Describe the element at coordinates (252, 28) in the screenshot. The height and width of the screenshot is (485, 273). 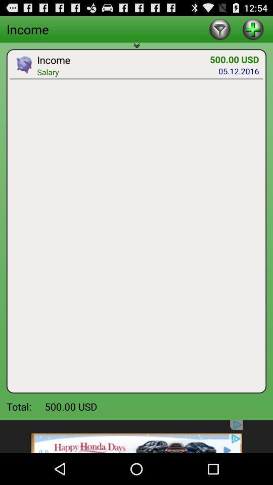
I see `information` at that location.